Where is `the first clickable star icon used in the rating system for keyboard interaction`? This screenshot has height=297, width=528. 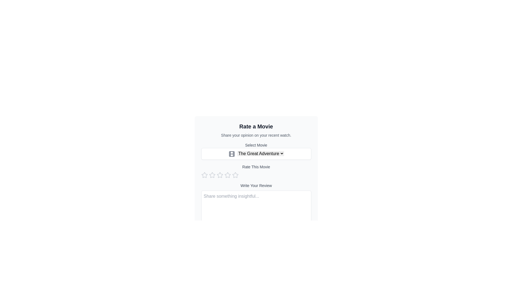
the first clickable star icon used in the rating system for keyboard interaction is located at coordinates (204, 175).